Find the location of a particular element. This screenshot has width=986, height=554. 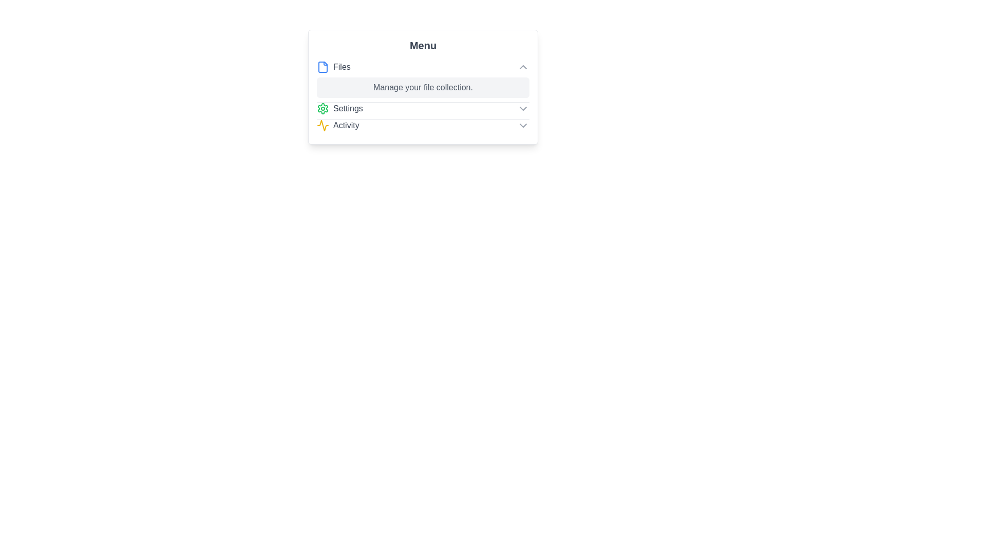

the menu item Files is located at coordinates (423, 67).